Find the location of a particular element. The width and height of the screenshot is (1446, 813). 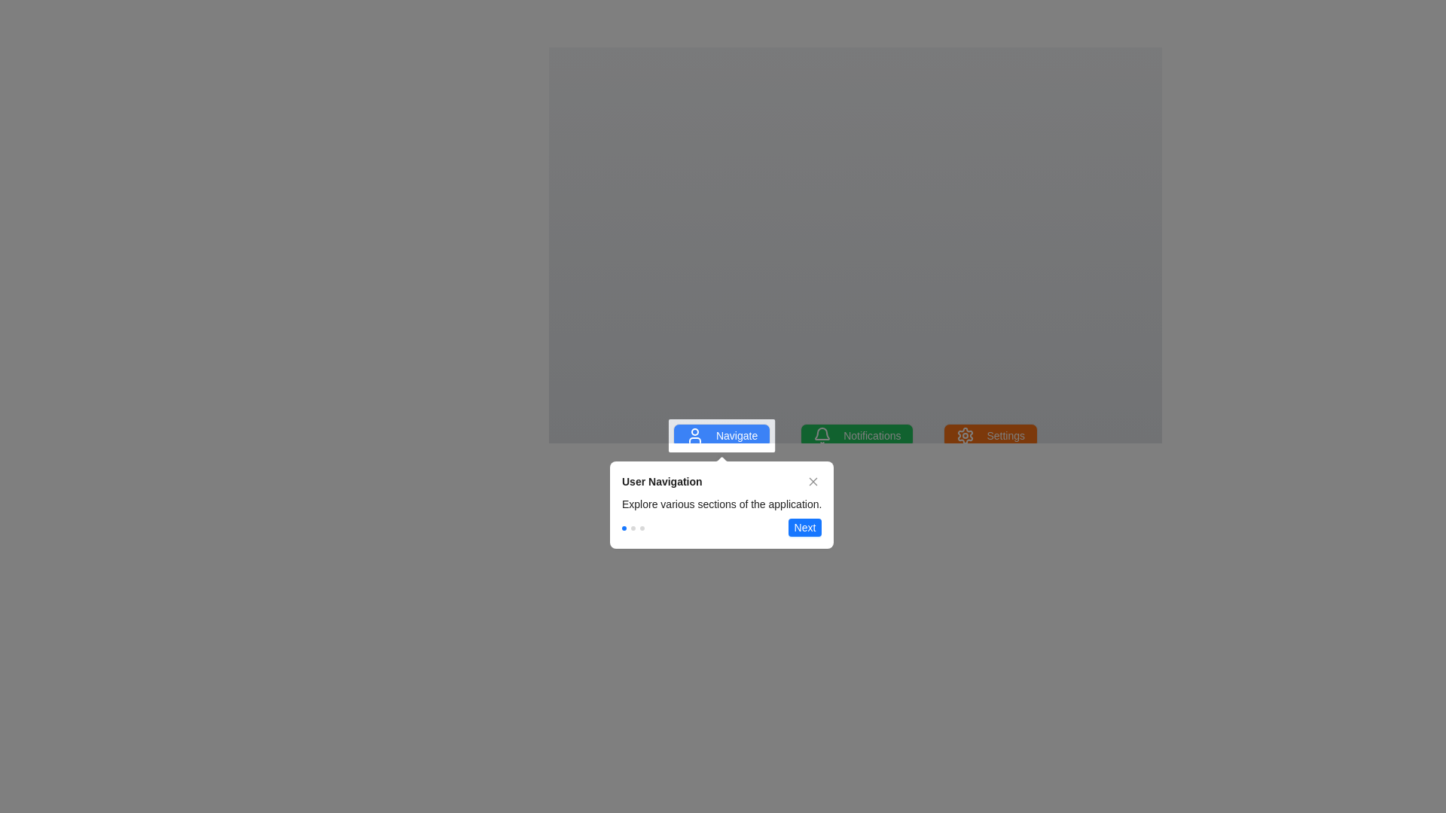

the 'Settings' button, which is a rectangular button with a rounded finish, orange background, white text, and a gear icon on the left is located at coordinates (990, 435).